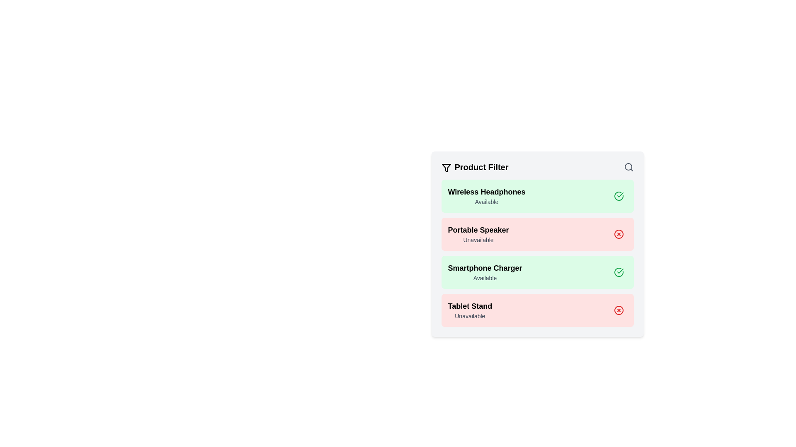 Image resolution: width=796 pixels, height=447 pixels. Describe the element at coordinates (446, 168) in the screenshot. I see `the funnel-shaped icon for filtering functionality located to the left of the 'Product Filter' title` at that location.